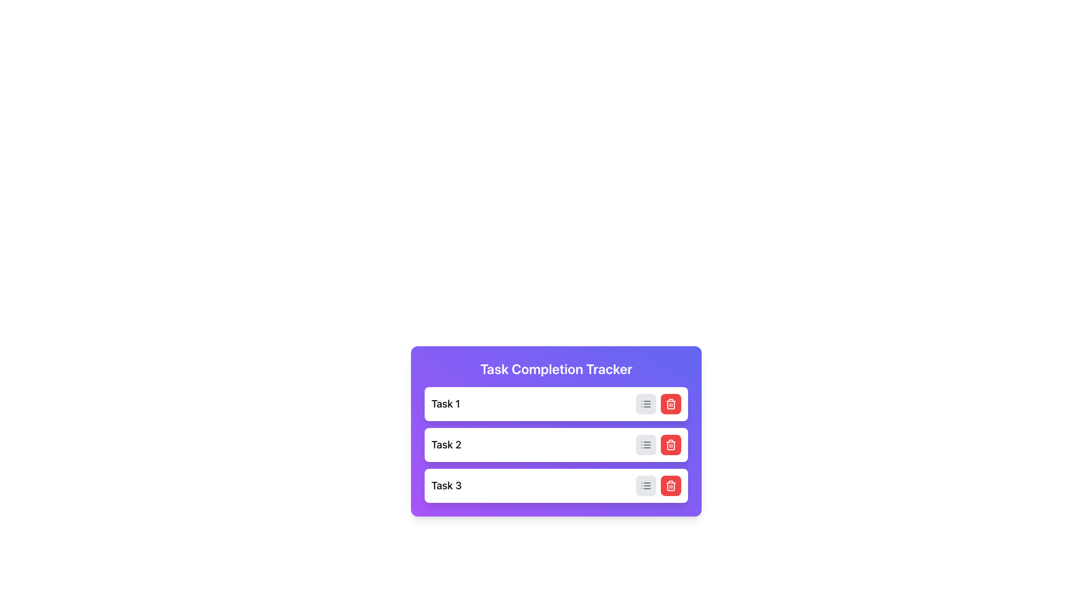 The height and width of the screenshot is (613, 1090). I want to click on the left button of the segmented group of action controls for tasks, located within the 'Task 2' layout, so click(659, 444).